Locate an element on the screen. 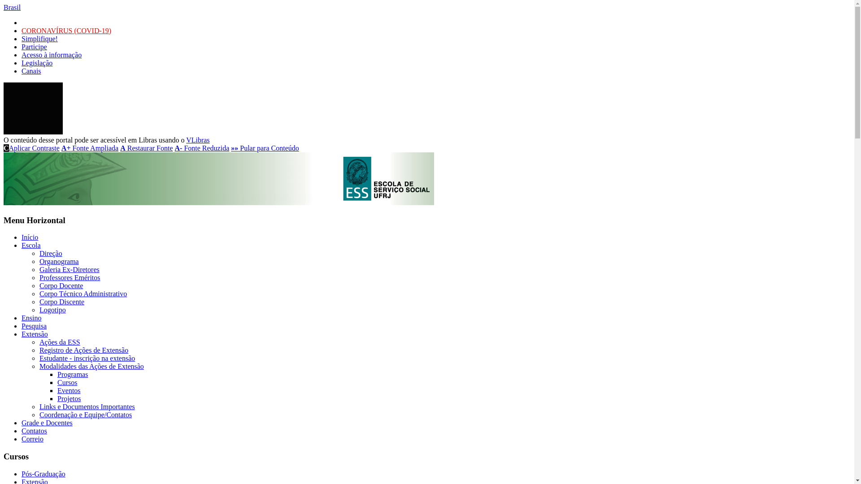 This screenshot has height=484, width=861. 'Canais' is located at coordinates (31, 70).